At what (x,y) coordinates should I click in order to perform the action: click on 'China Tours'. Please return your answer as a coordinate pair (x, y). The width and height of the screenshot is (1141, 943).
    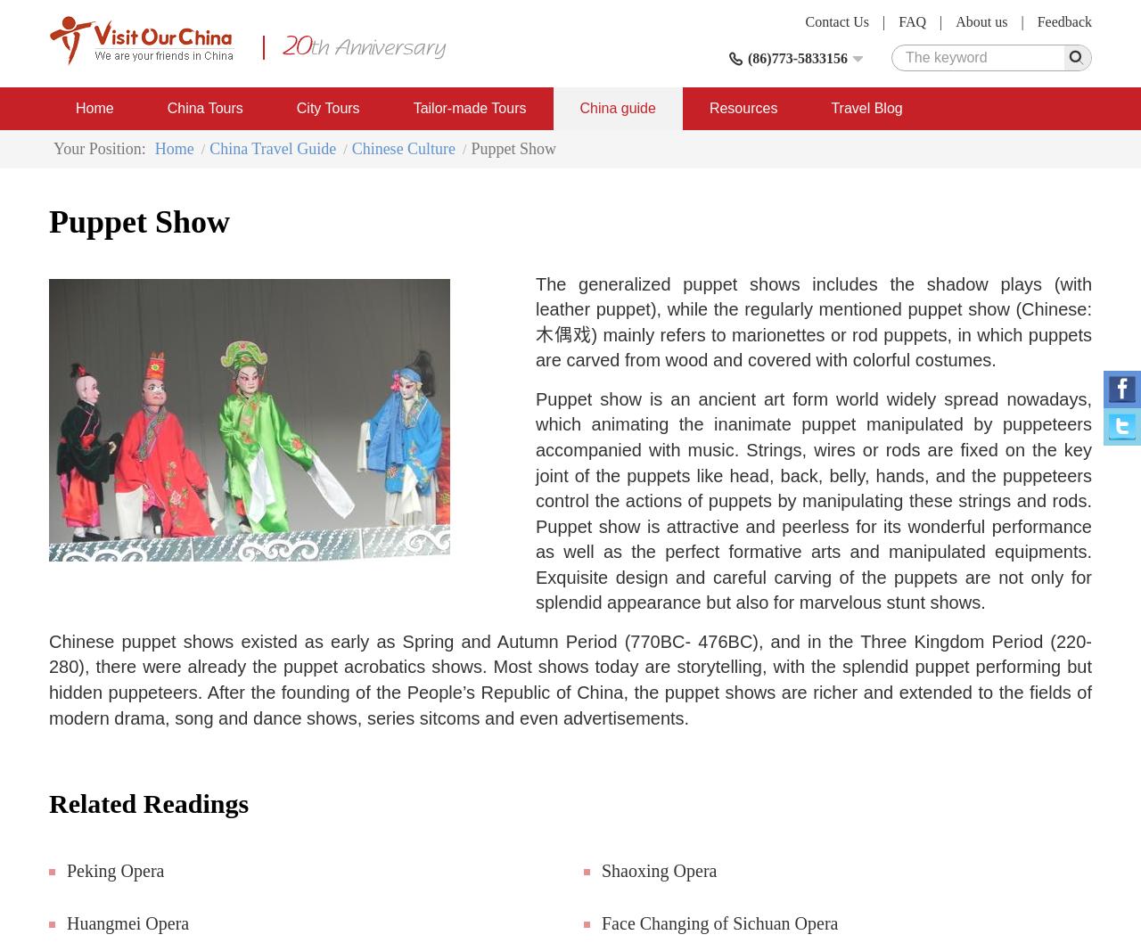
    Looking at the image, I should click on (204, 107).